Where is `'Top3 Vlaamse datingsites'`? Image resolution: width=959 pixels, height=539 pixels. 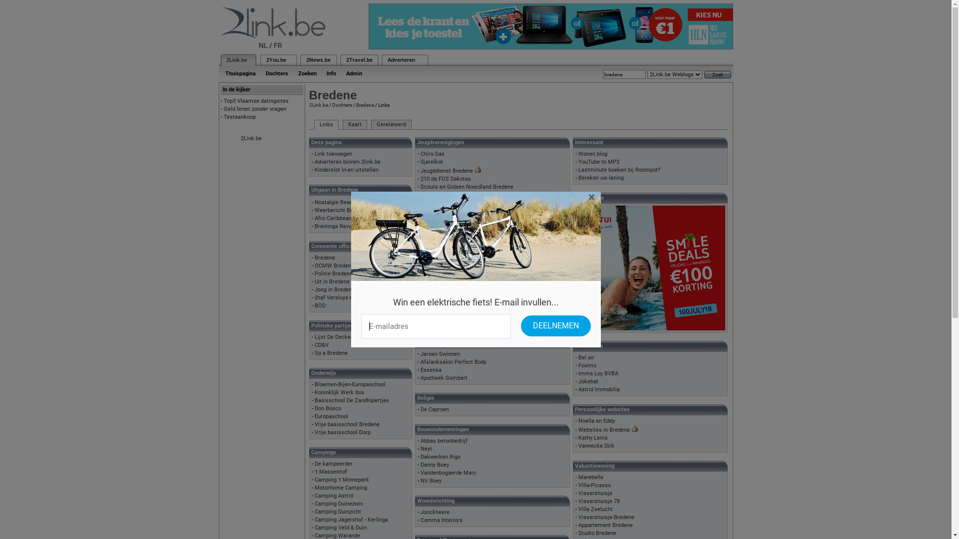
'Top3 Vlaamse datingsites' is located at coordinates (256, 101).